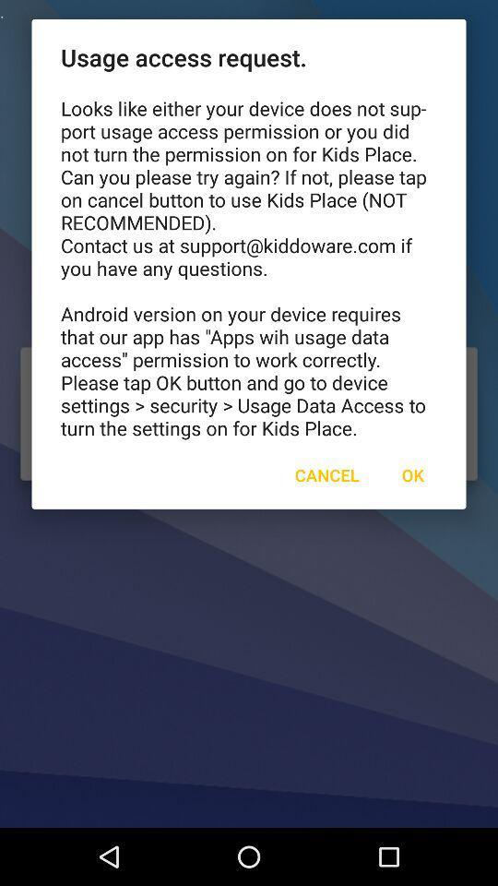 This screenshot has height=886, width=498. Describe the element at coordinates (412, 473) in the screenshot. I see `ok` at that location.